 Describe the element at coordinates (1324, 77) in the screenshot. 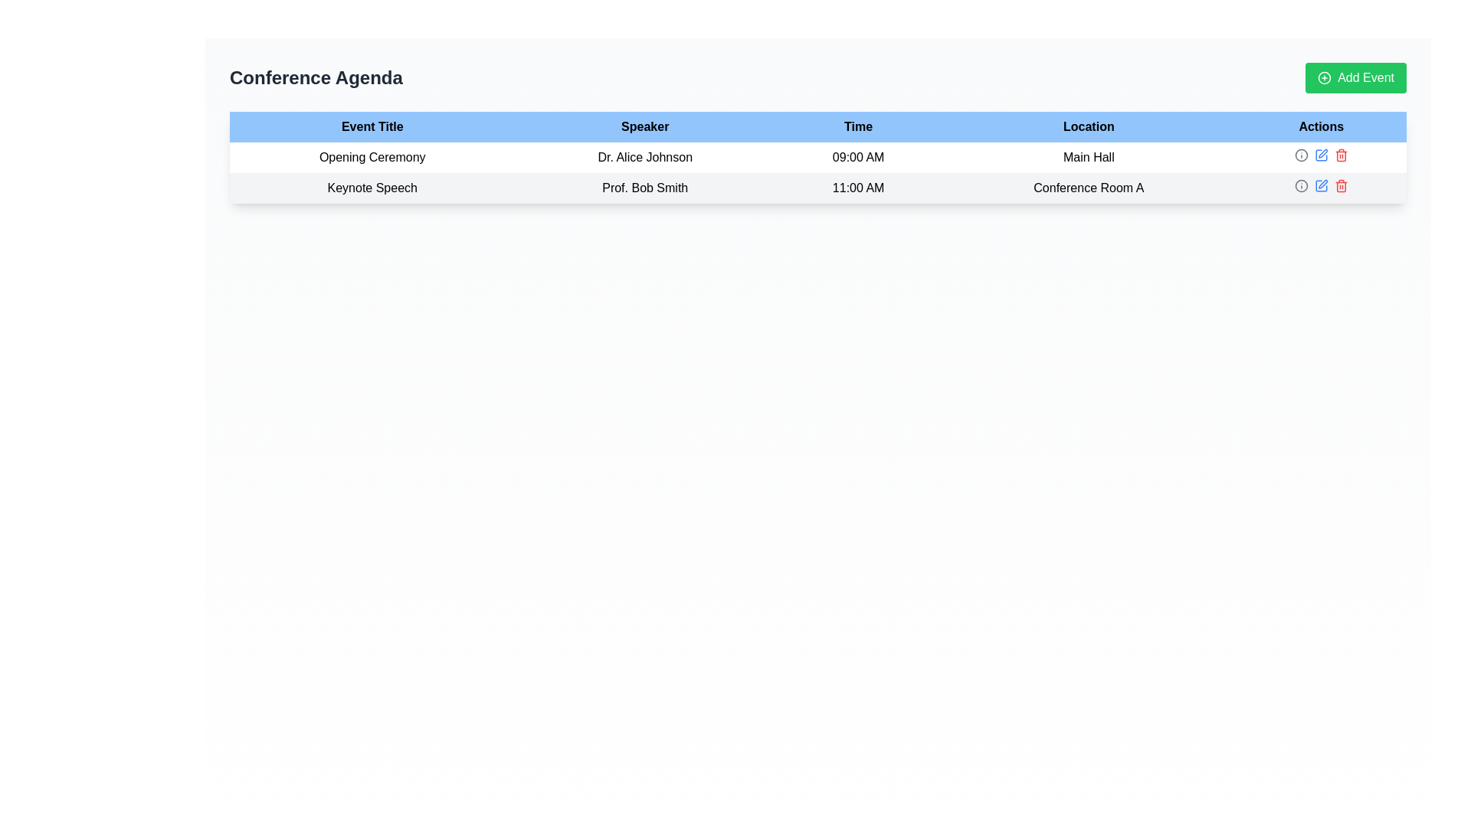

I see `the graphical icon within the 'Add Event' button located at the top-right section of the interface` at that location.